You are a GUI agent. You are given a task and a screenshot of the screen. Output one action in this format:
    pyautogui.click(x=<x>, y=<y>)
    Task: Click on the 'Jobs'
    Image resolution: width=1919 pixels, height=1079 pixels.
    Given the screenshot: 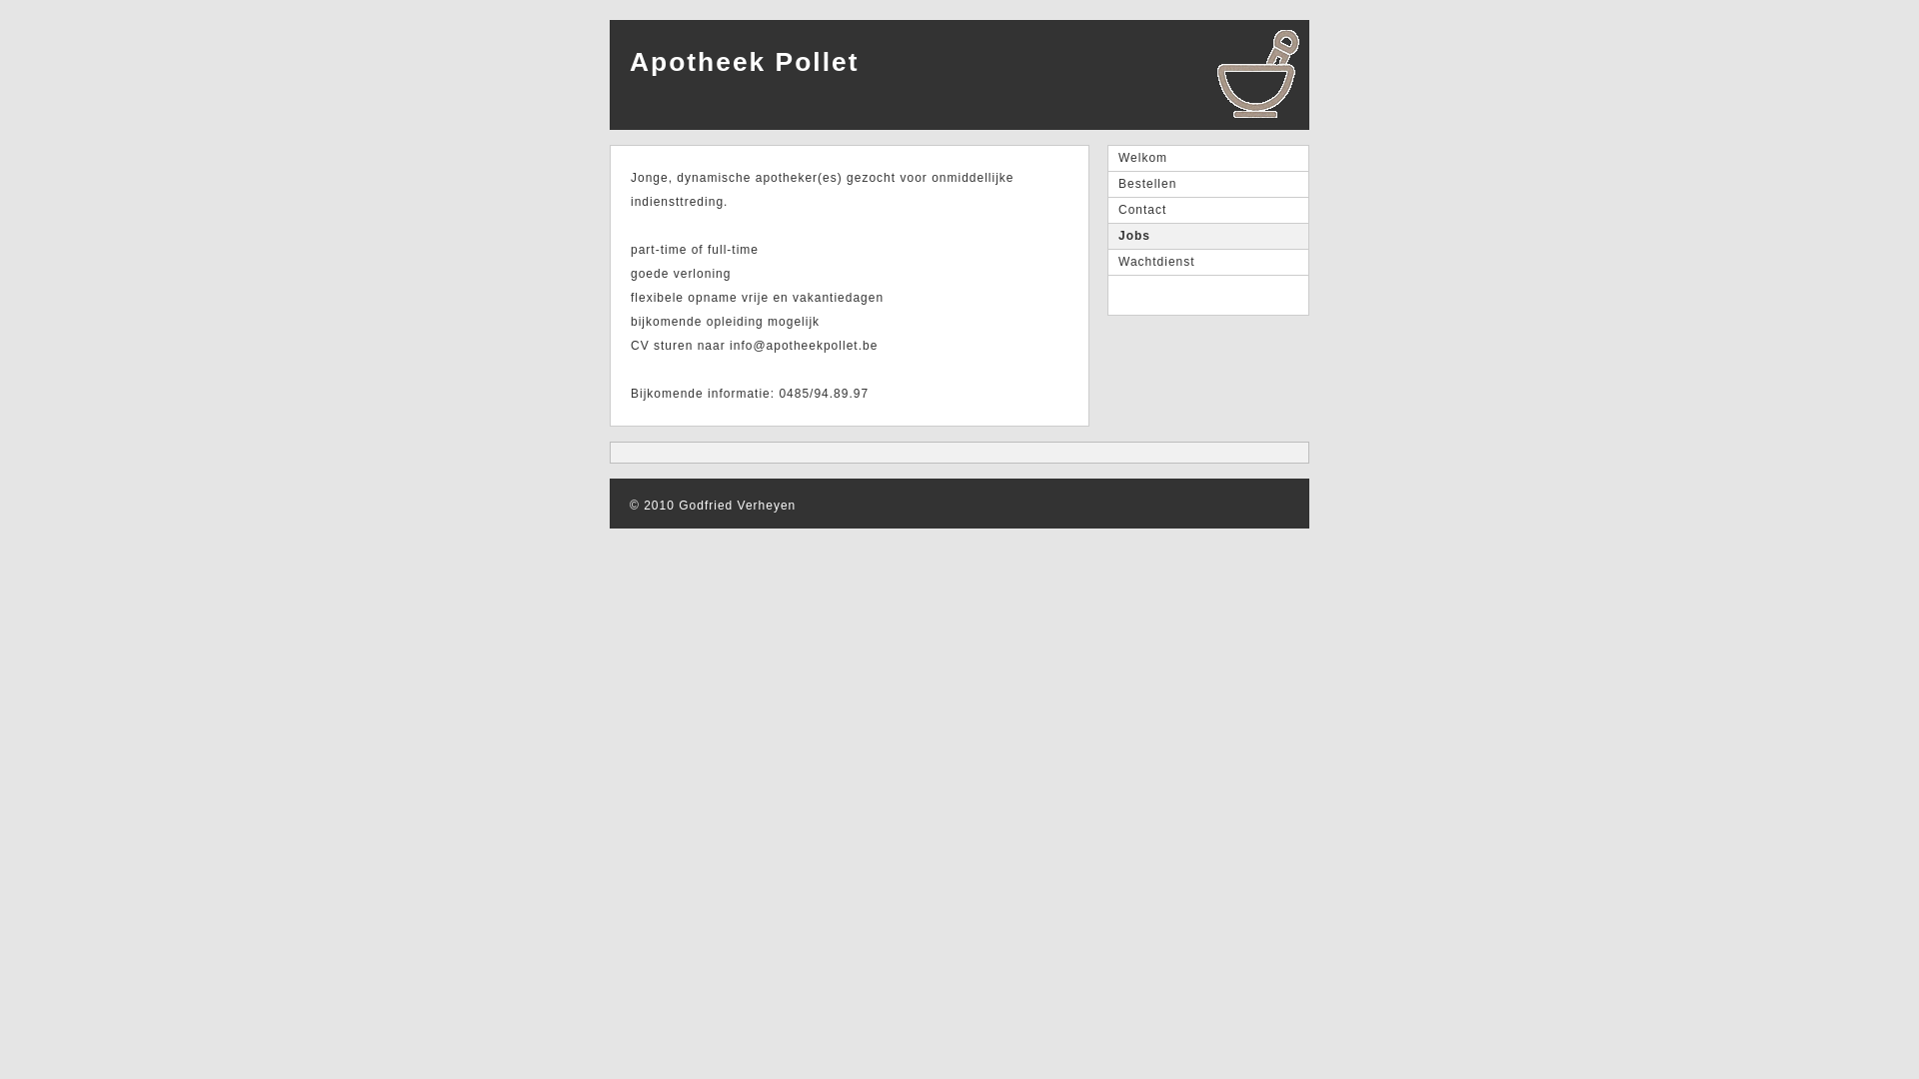 What is the action you would take?
    pyautogui.click(x=1106, y=235)
    